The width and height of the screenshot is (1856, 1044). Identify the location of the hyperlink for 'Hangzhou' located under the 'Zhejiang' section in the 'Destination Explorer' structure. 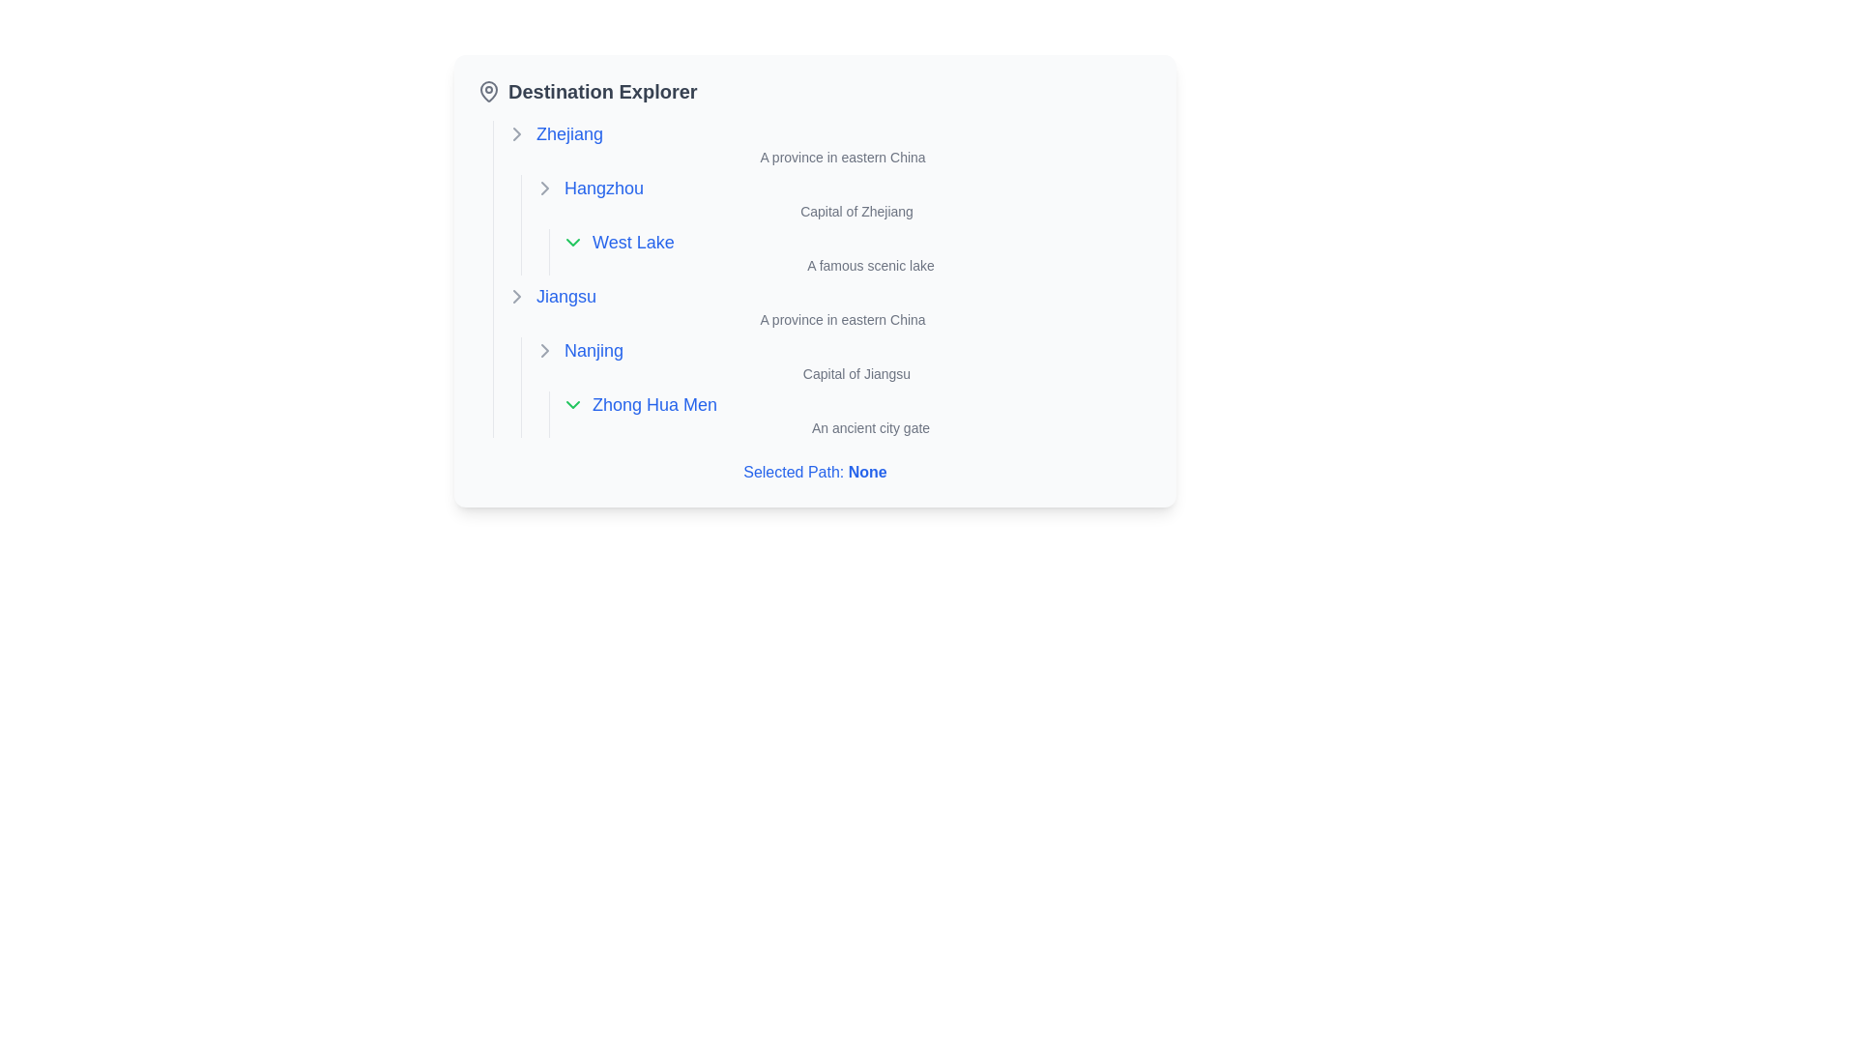
(602, 188).